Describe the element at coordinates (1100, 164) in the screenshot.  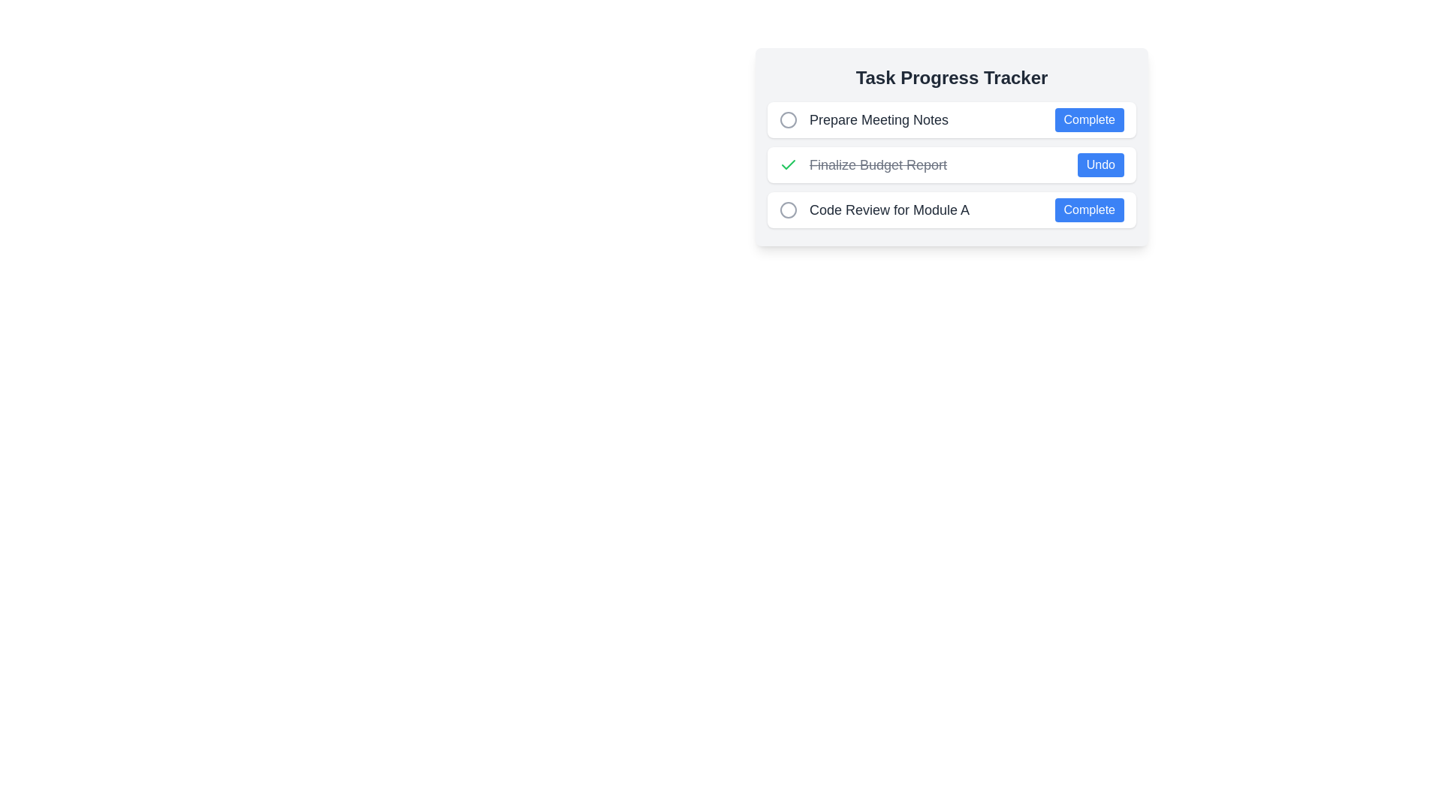
I see `the 'Undo' button, which is located at the far-right end of the 'Finalize Budget Report' task line item and visually aligned with the completion status indicator` at that location.